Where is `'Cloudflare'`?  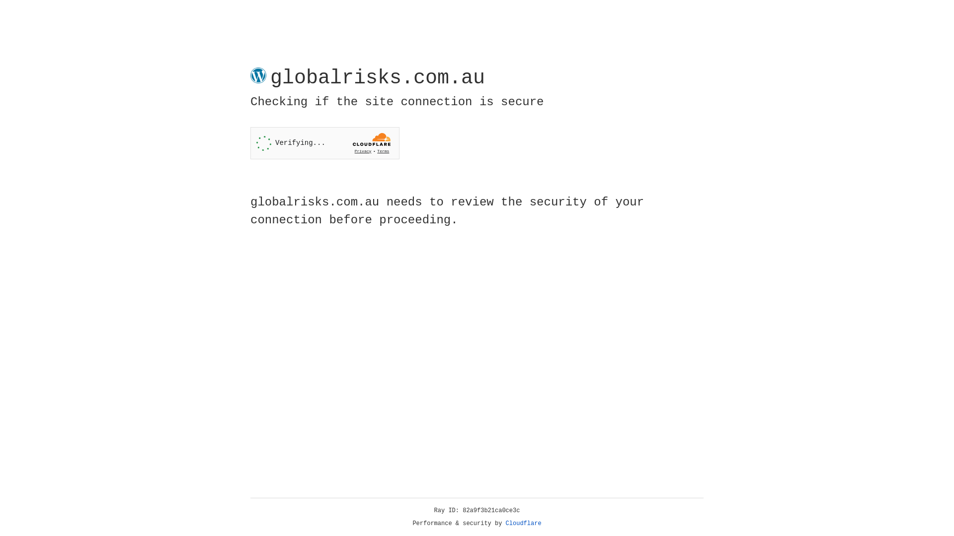
'Cloudflare' is located at coordinates (523, 523).